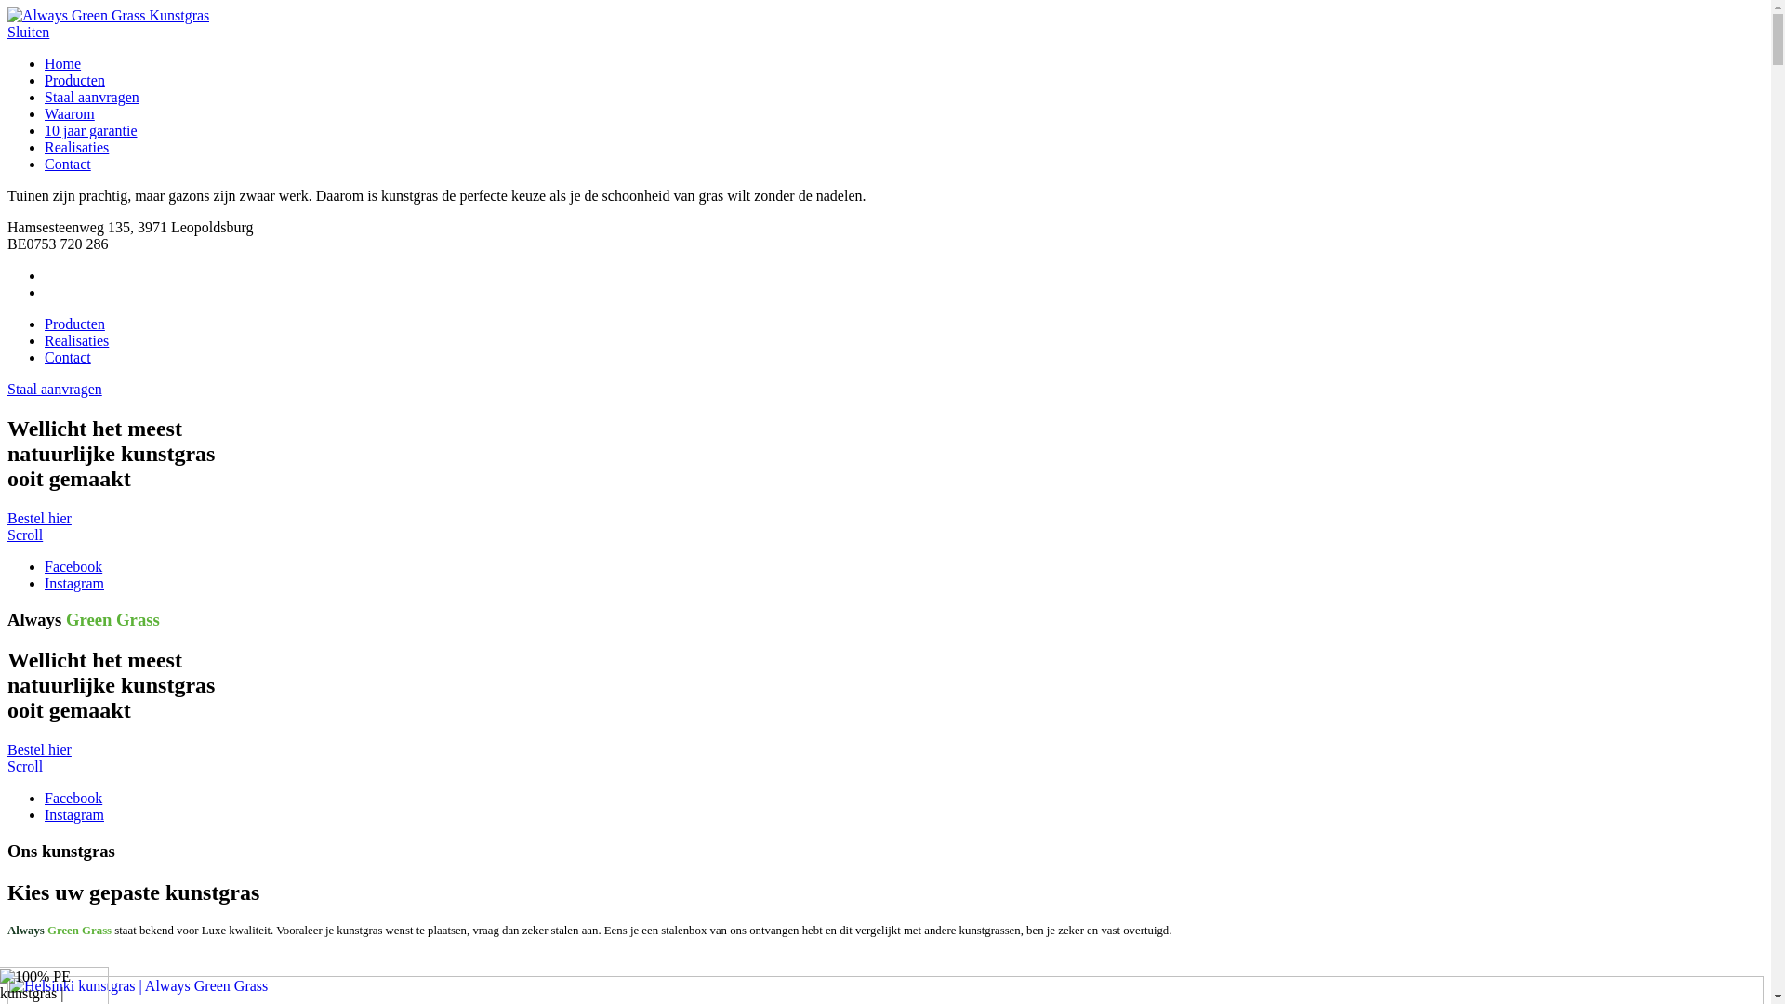 Image resolution: width=1785 pixels, height=1004 pixels. I want to click on 'Bestel hier', so click(39, 518).